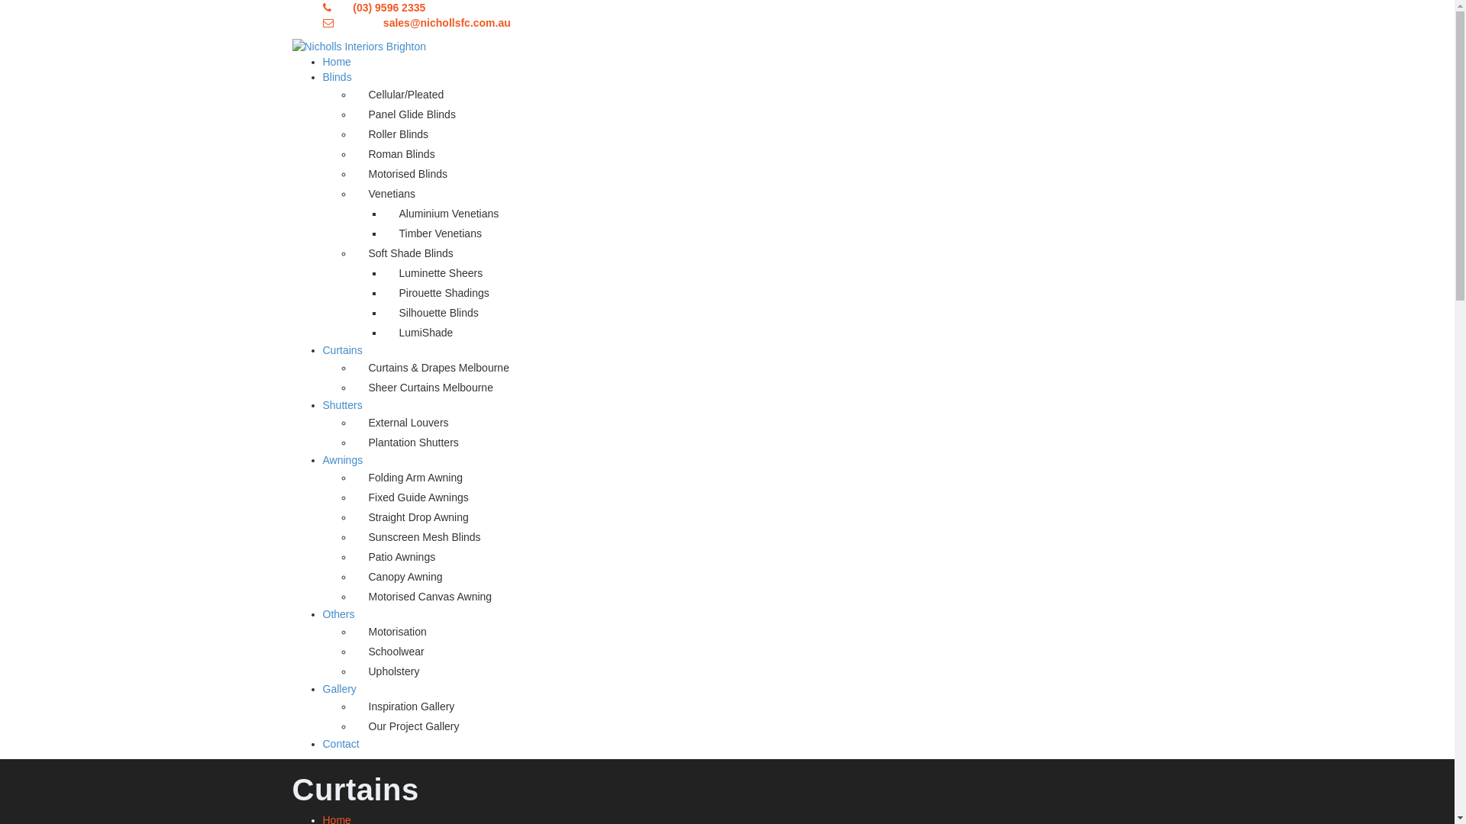 Image resolution: width=1466 pixels, height=824 pixels. I want to click on 'Contact', so click(340, 743).